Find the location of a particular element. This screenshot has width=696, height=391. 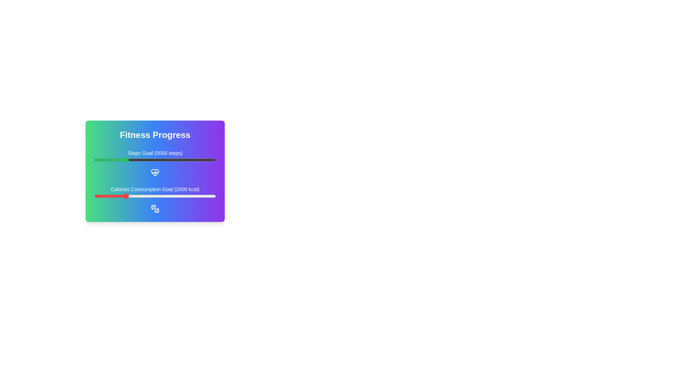

the white heart icon with a pulse line centered in a blue circular background, which is located between the 'Steps Goal (5000 steps)' slider above and the 'Calories Consumption Goal (2000 kcal)' slider below is located at coordinates (154, 173).